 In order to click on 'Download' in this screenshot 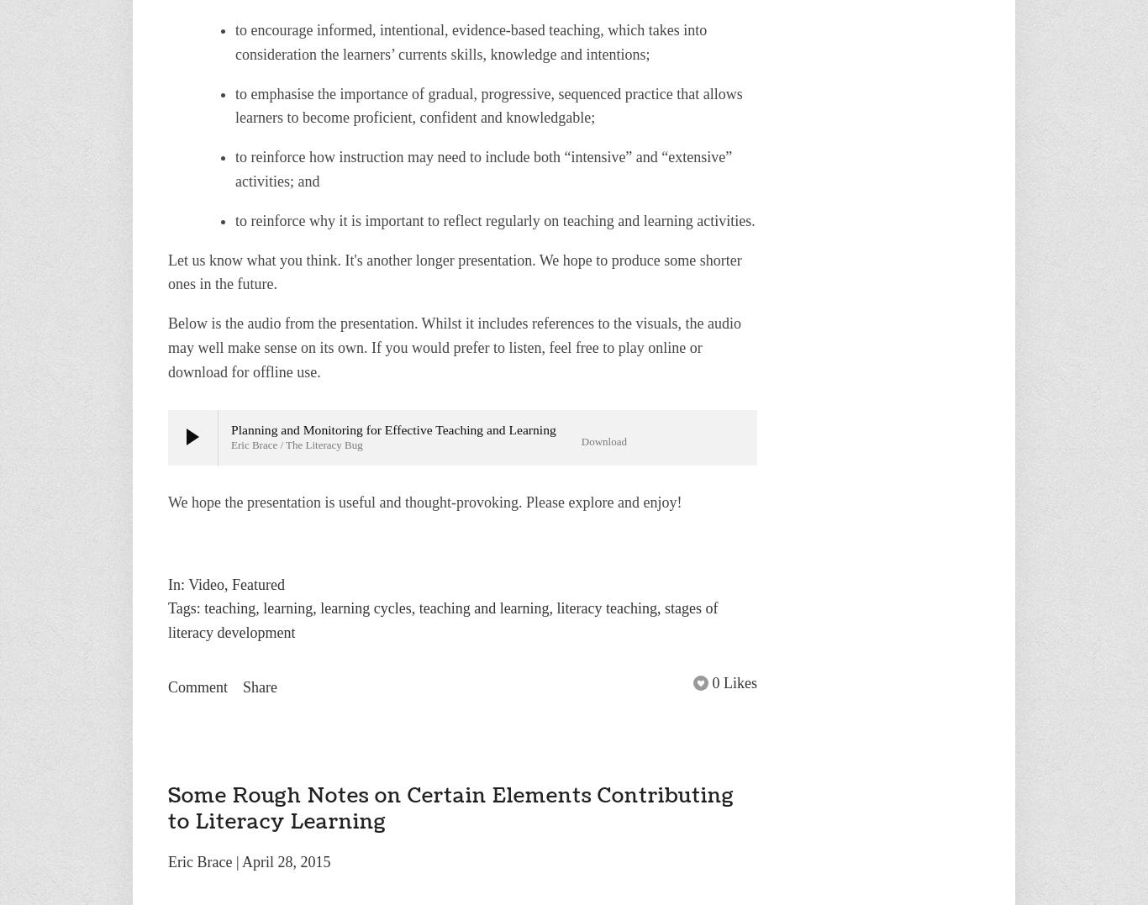, I will do `click(603, 440)`.